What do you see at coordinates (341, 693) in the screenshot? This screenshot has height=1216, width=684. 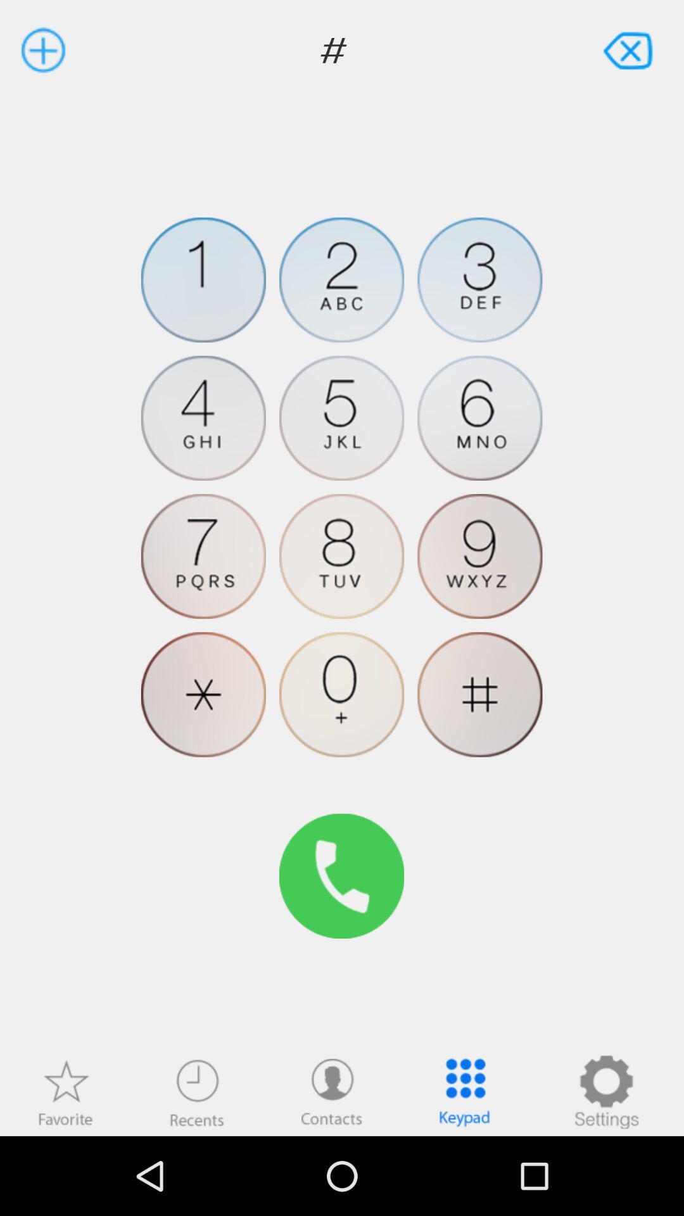 I see `dial zero` at bounding box center [341, 693].